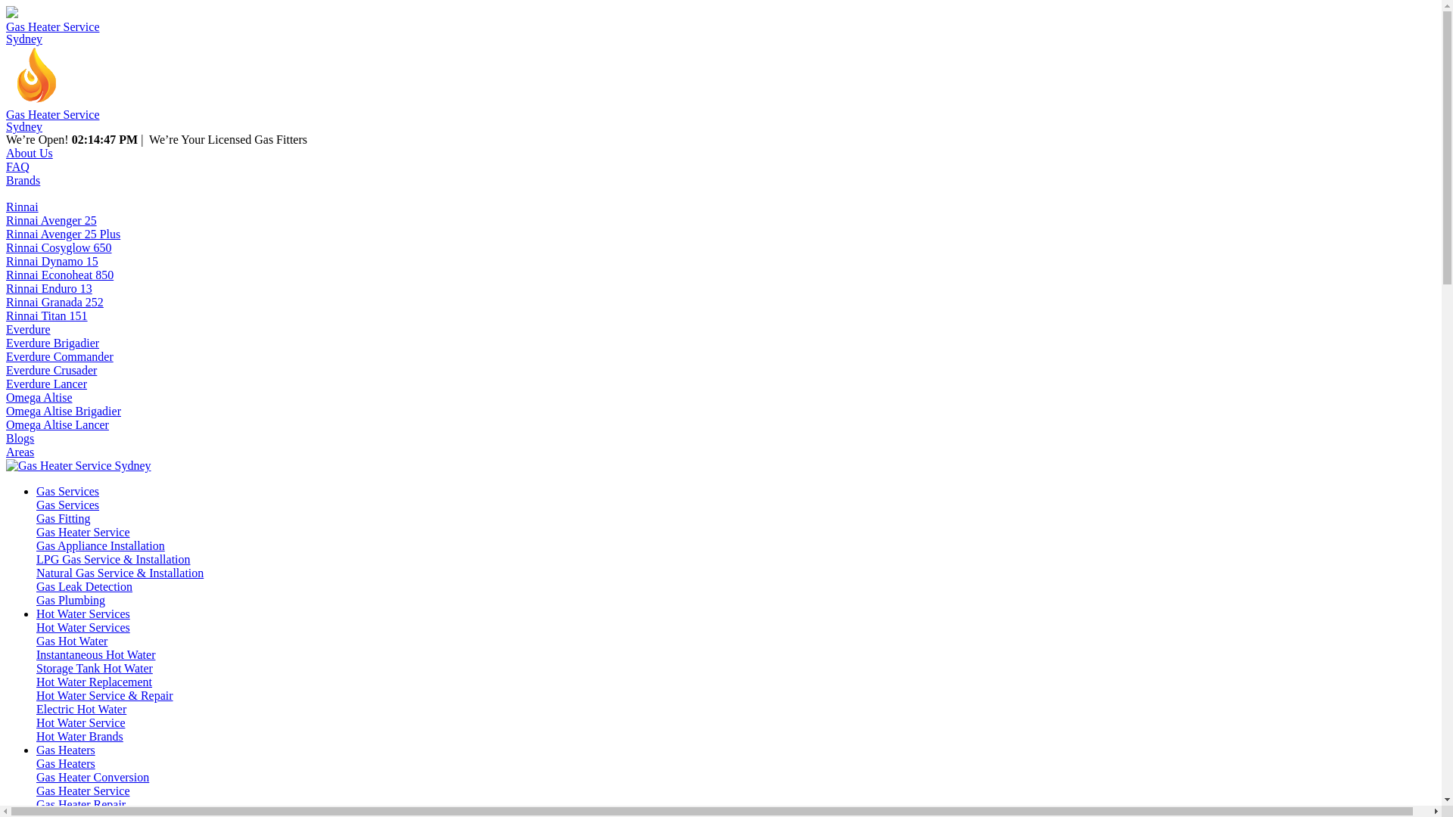  Describe the element at coordinates (52, 343) in the screenshot. I see `'Everdure Brigadier'` at that location.